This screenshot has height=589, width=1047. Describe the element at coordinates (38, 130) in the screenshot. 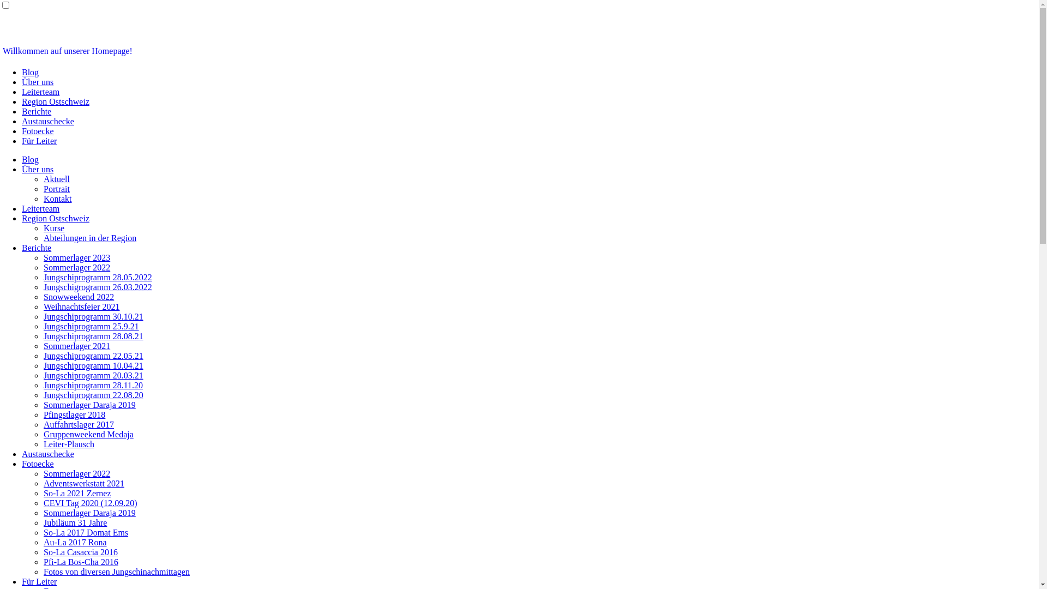

I see `'Fotoecke'` at that location.